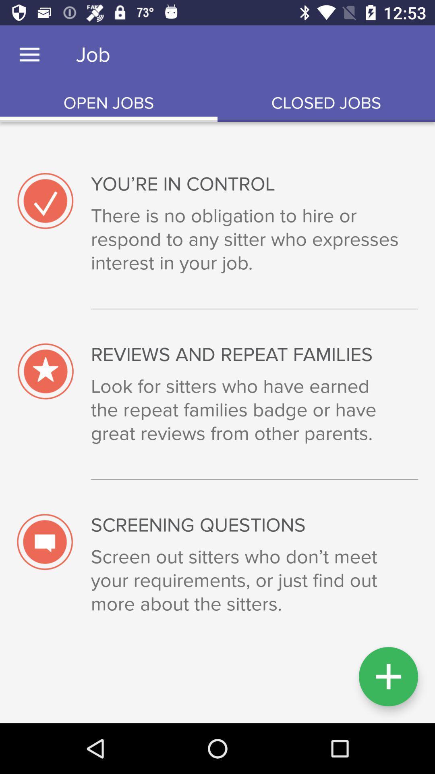 The image size is (435, 774). What do you see at coordinates (109, 103) in the screenshot?
I see `the open jobs` at bounding box center [109, 103].